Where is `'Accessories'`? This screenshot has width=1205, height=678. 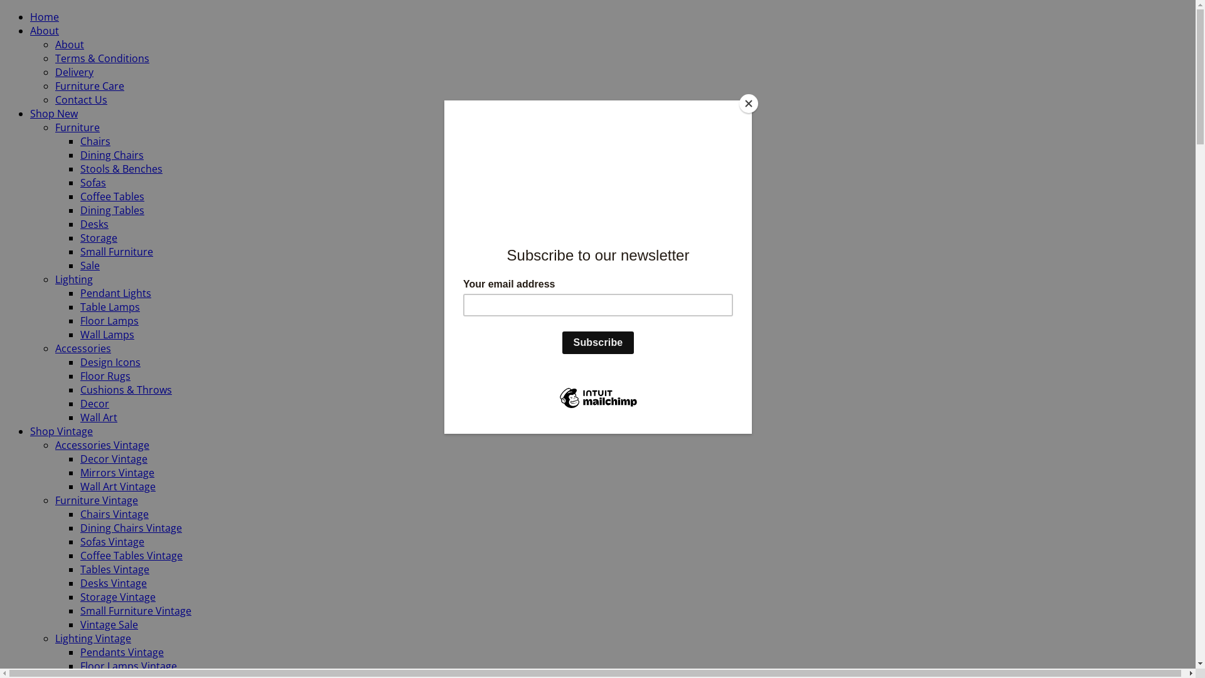 'Accessories' is located at coordinates (82, 348).